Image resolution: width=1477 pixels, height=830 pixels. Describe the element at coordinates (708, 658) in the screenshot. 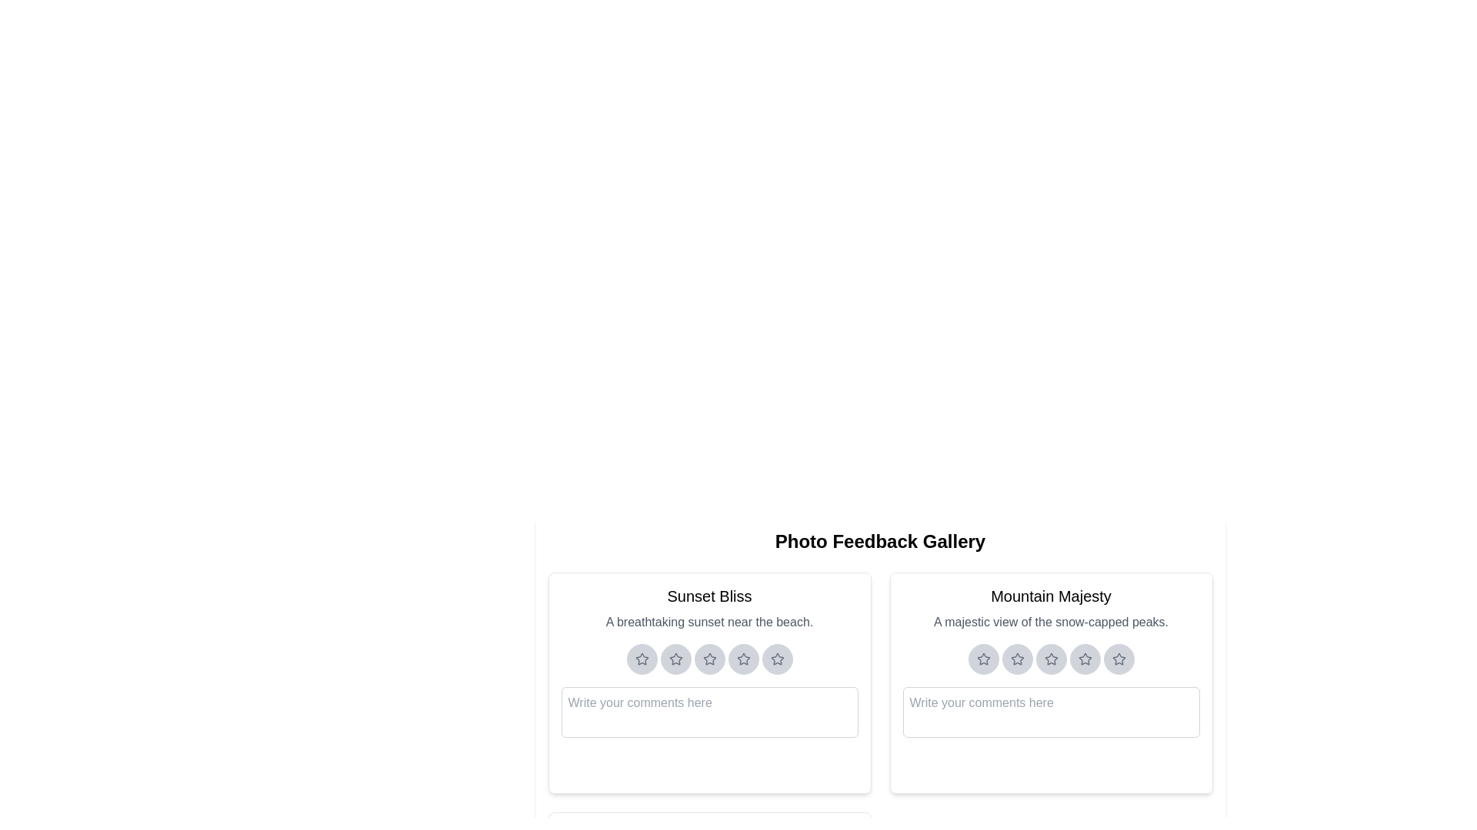

I see `the third rating star button in the 'Photo Feedback Gallery' below the 'Sunset Bliss' card to observe hover effects` at that location.